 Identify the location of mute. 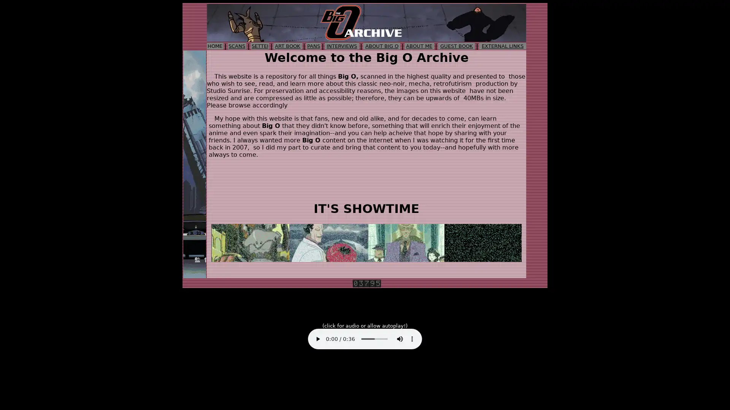
(399, 339).